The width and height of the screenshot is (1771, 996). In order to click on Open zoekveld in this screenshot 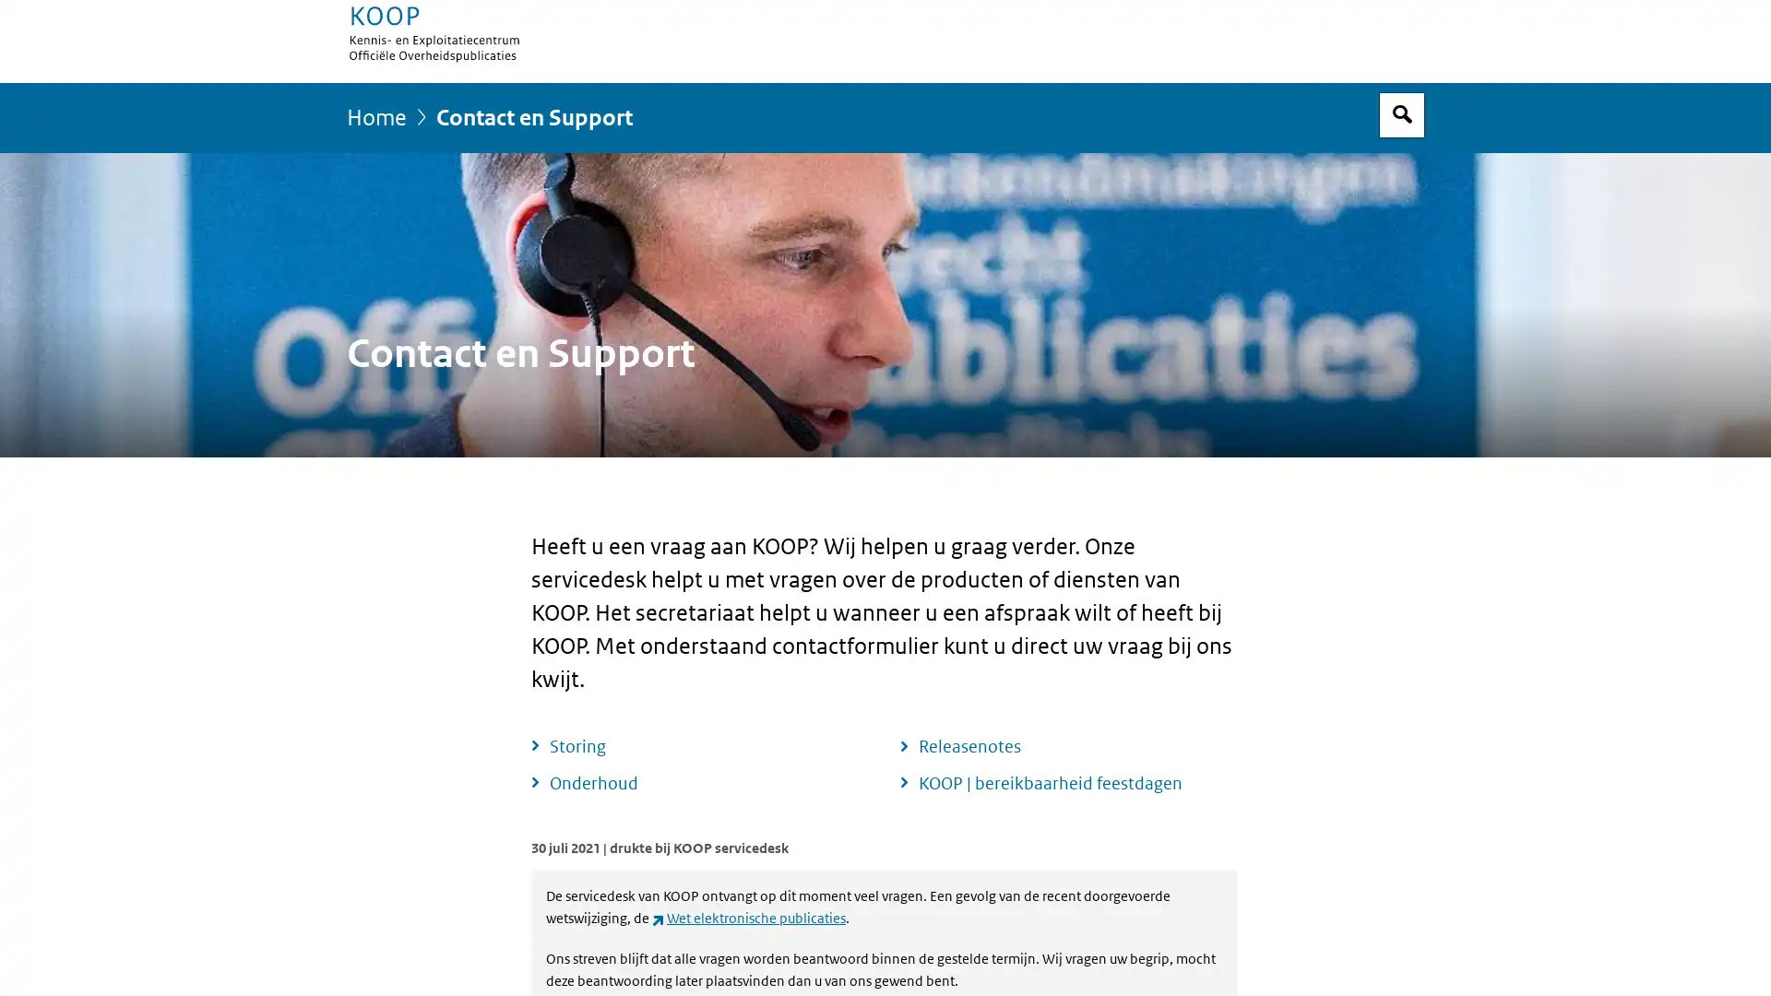, I will do `click(1402, 114)`.